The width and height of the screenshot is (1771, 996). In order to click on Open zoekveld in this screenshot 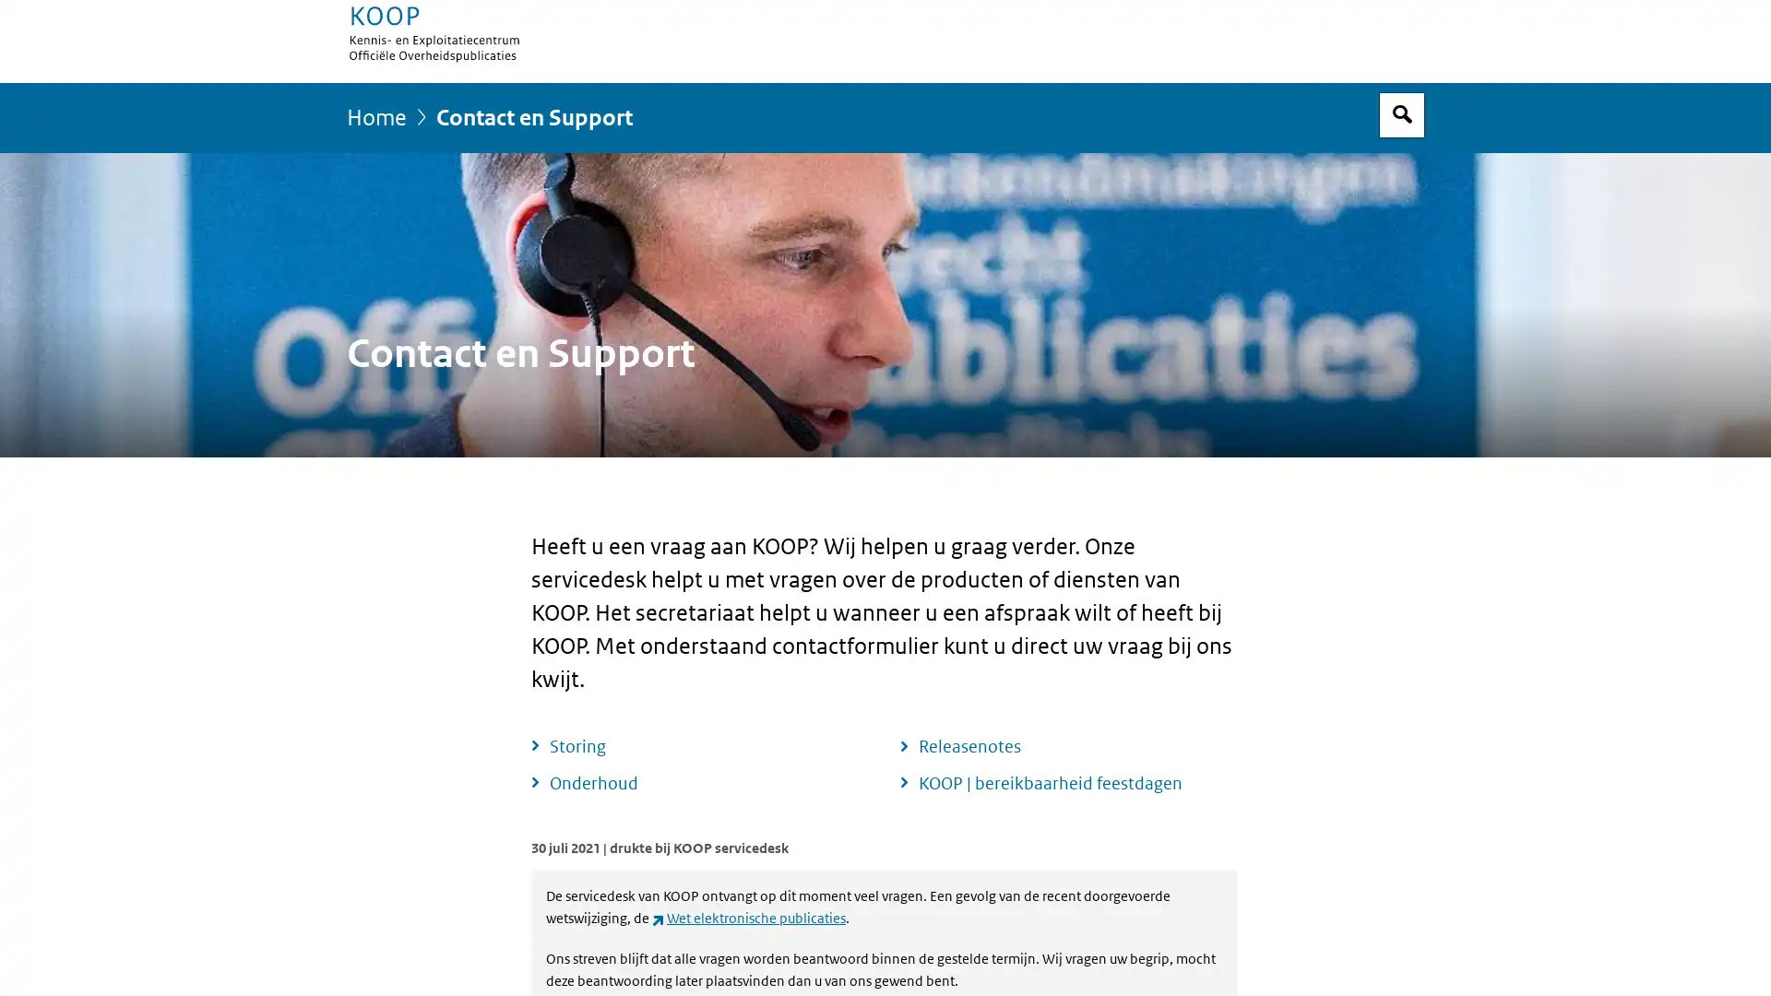, I will do `click(1402, 114)`.